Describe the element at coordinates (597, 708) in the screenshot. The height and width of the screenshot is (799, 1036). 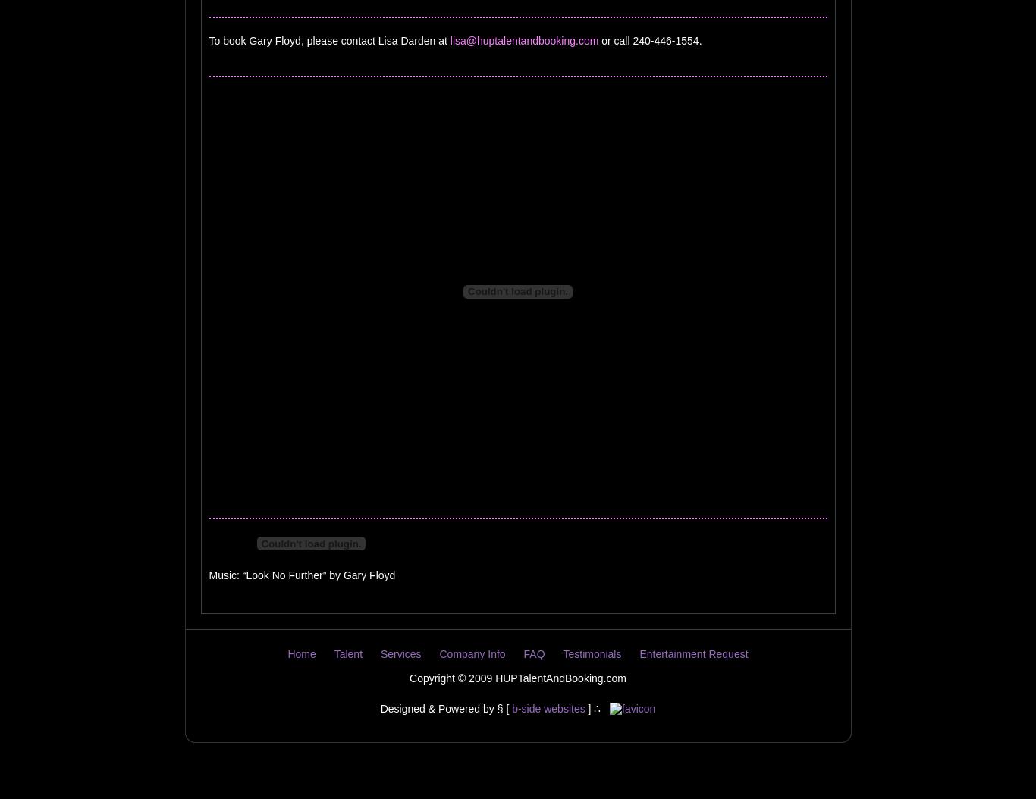
I see `'] ∴'` at that location.